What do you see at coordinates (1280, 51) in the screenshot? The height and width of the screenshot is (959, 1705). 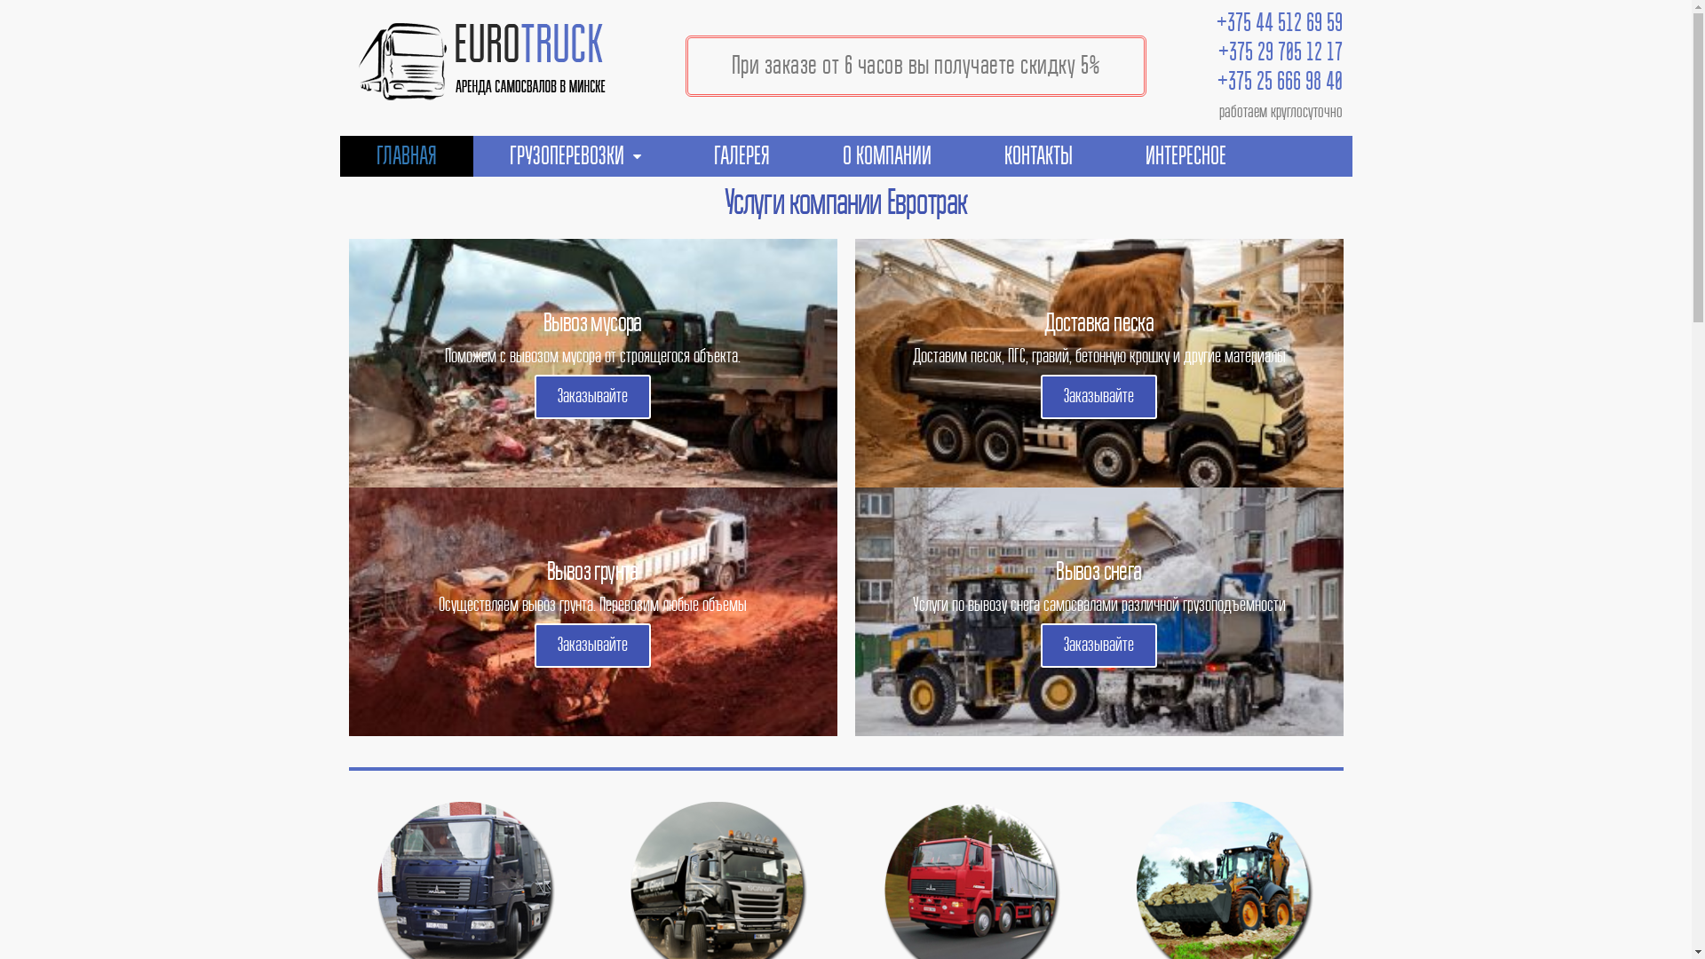 I see `'+375 29 705 12 17'` at bounding box center [1280, 51].